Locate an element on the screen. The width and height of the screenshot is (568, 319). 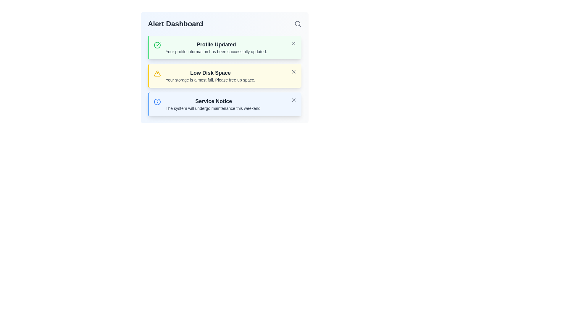
the Text label that serves as the title of the low disk space alert message, located at the top of the alert box is located at coordinates (210, 72).